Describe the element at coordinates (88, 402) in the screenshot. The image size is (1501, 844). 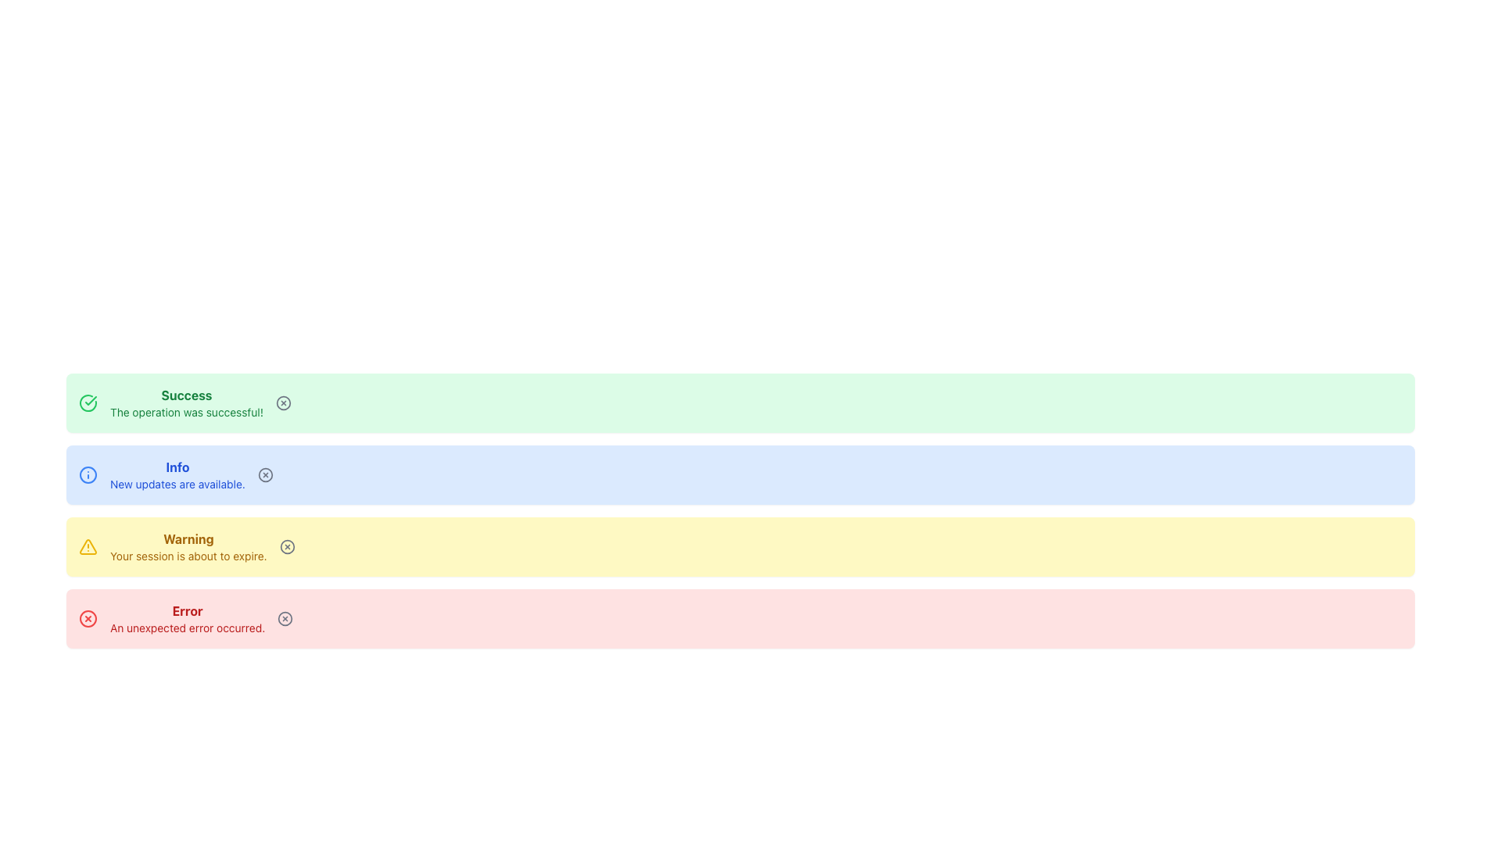
I see `the circular outline of the success icon with a green stroke, which features a checkmark symbol, located on the left side of the green 'Success' notification bar at the upper section of the interface` at that location.